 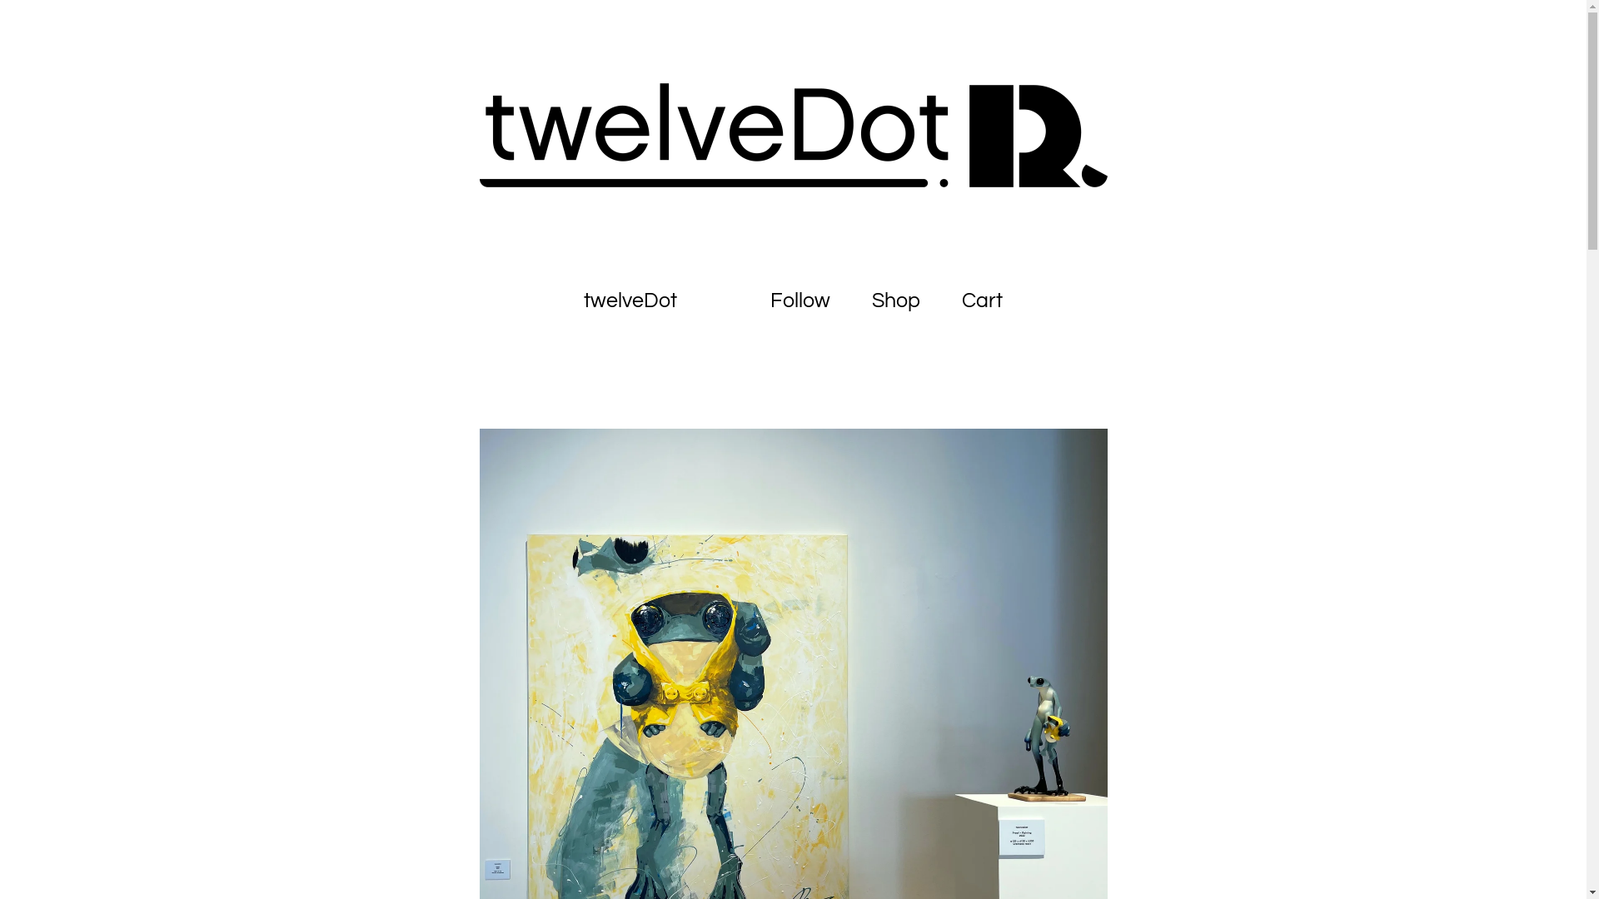 I want to click on 'Shop', so click(x=894, y=300).